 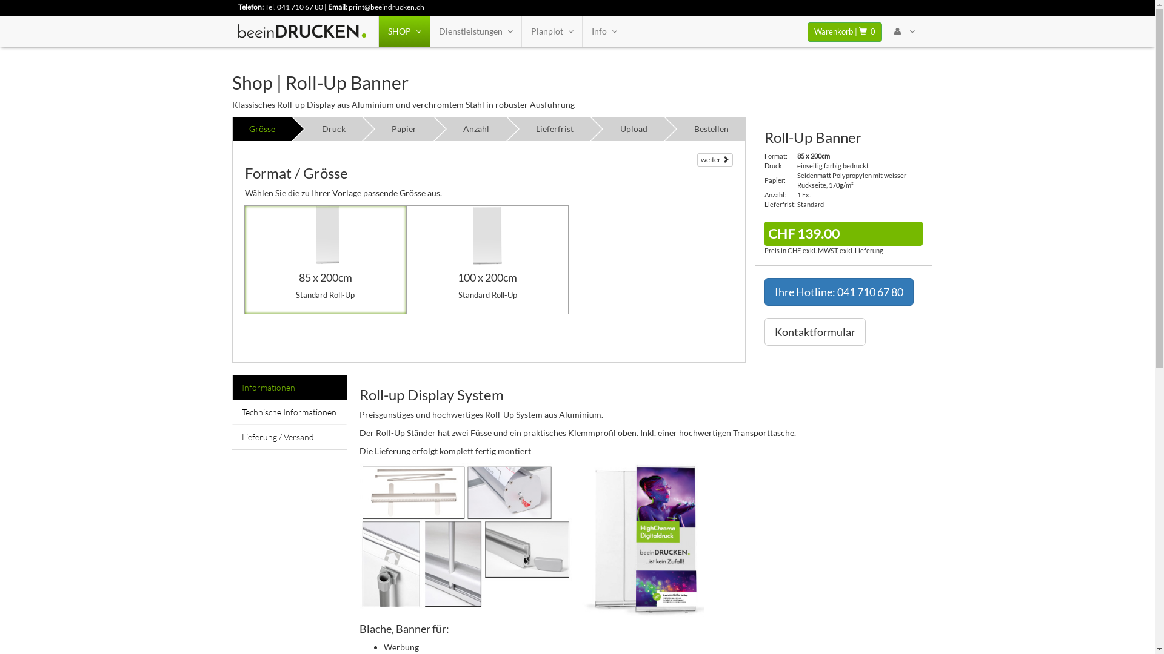 What do you see at coordinates (293, 7) in the screenshot?
I see `'Tel. 041 710 67 80'` at bounding box center [293, 7].